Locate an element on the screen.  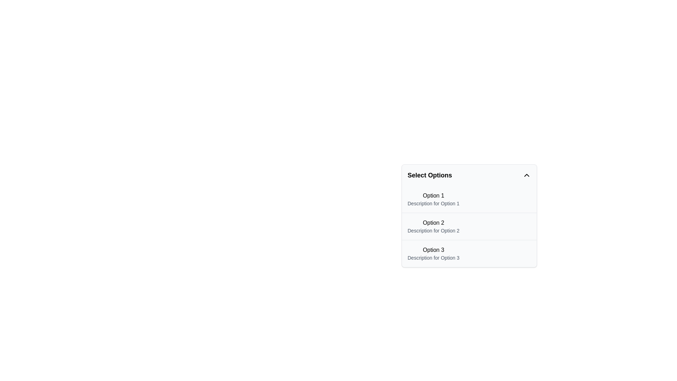
the static textual label that identifies the second option in the selectable options list under the 'Select Options' title is located at coordinates (433, 223).